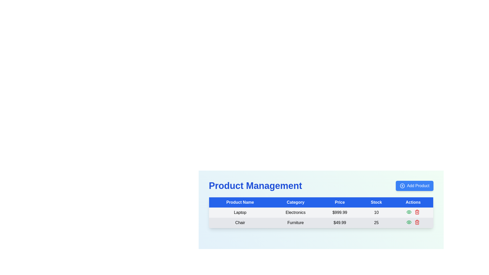  What do you see at coordinates (340, 212) in the screenshot?
I see `the static text displaying the price of the product 'Laptop' in the 'Product Management' table, which is located in the third cell under the 'Price' column` at bounding box center [340, 212].